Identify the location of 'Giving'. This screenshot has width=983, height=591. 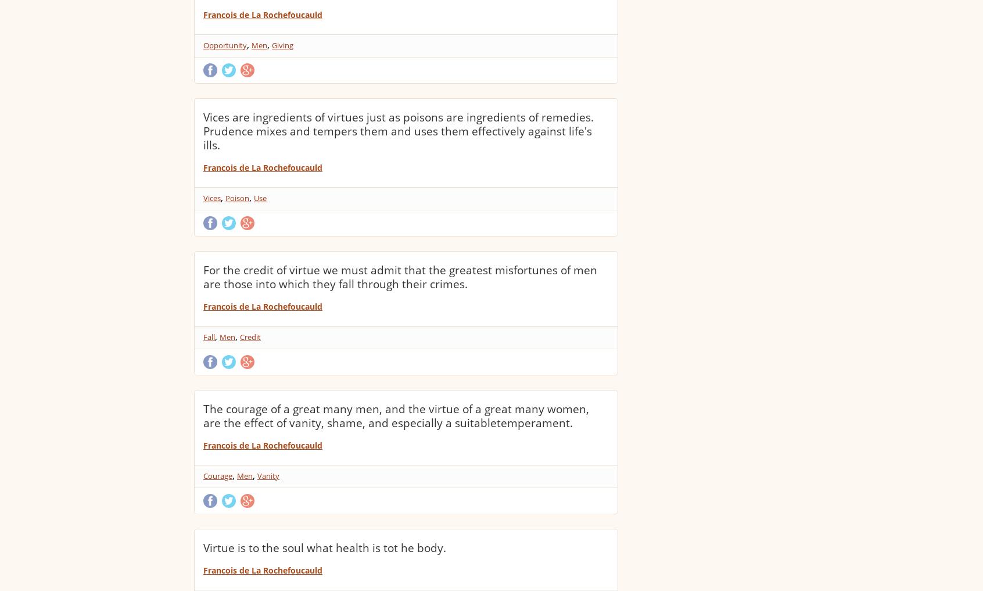
(282, 45).